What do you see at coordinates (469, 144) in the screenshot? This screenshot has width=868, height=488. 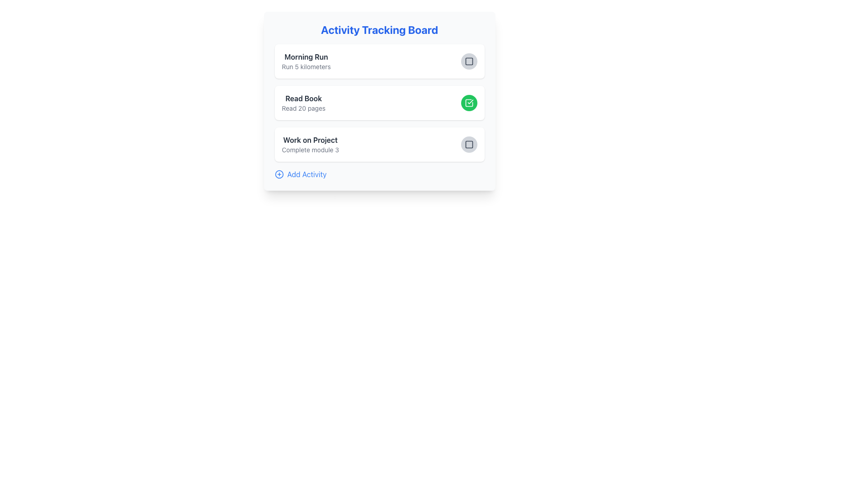 I see `the circular button with a light gray background and dark gray square icon` at bounding box center [469, 144].